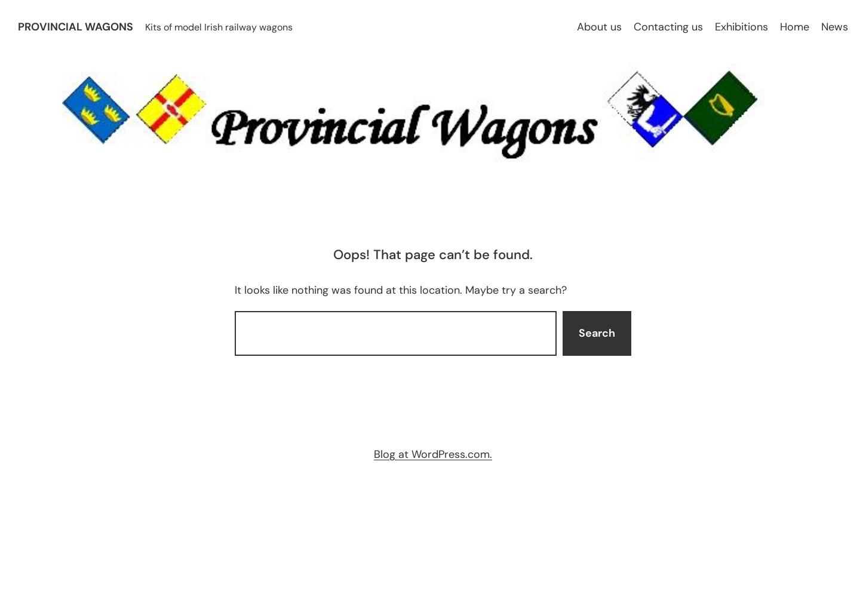  What do you see at coordinates (834, 27) in the screenshot?
I see `'News'` at bounding box center [834, 27].